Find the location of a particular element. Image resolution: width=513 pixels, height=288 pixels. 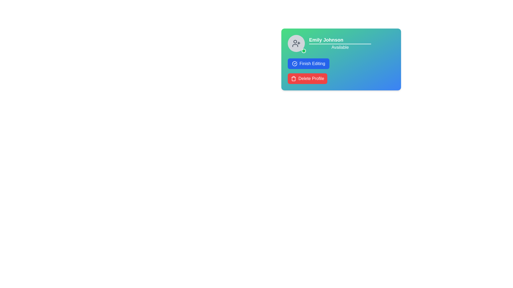

the decorative user profile addition icon located in the top-left corner within a circular gray background on a green-to-blue gradient card, positioned to the left of 'Emily Johnson' is located at coordinates (296, 43).